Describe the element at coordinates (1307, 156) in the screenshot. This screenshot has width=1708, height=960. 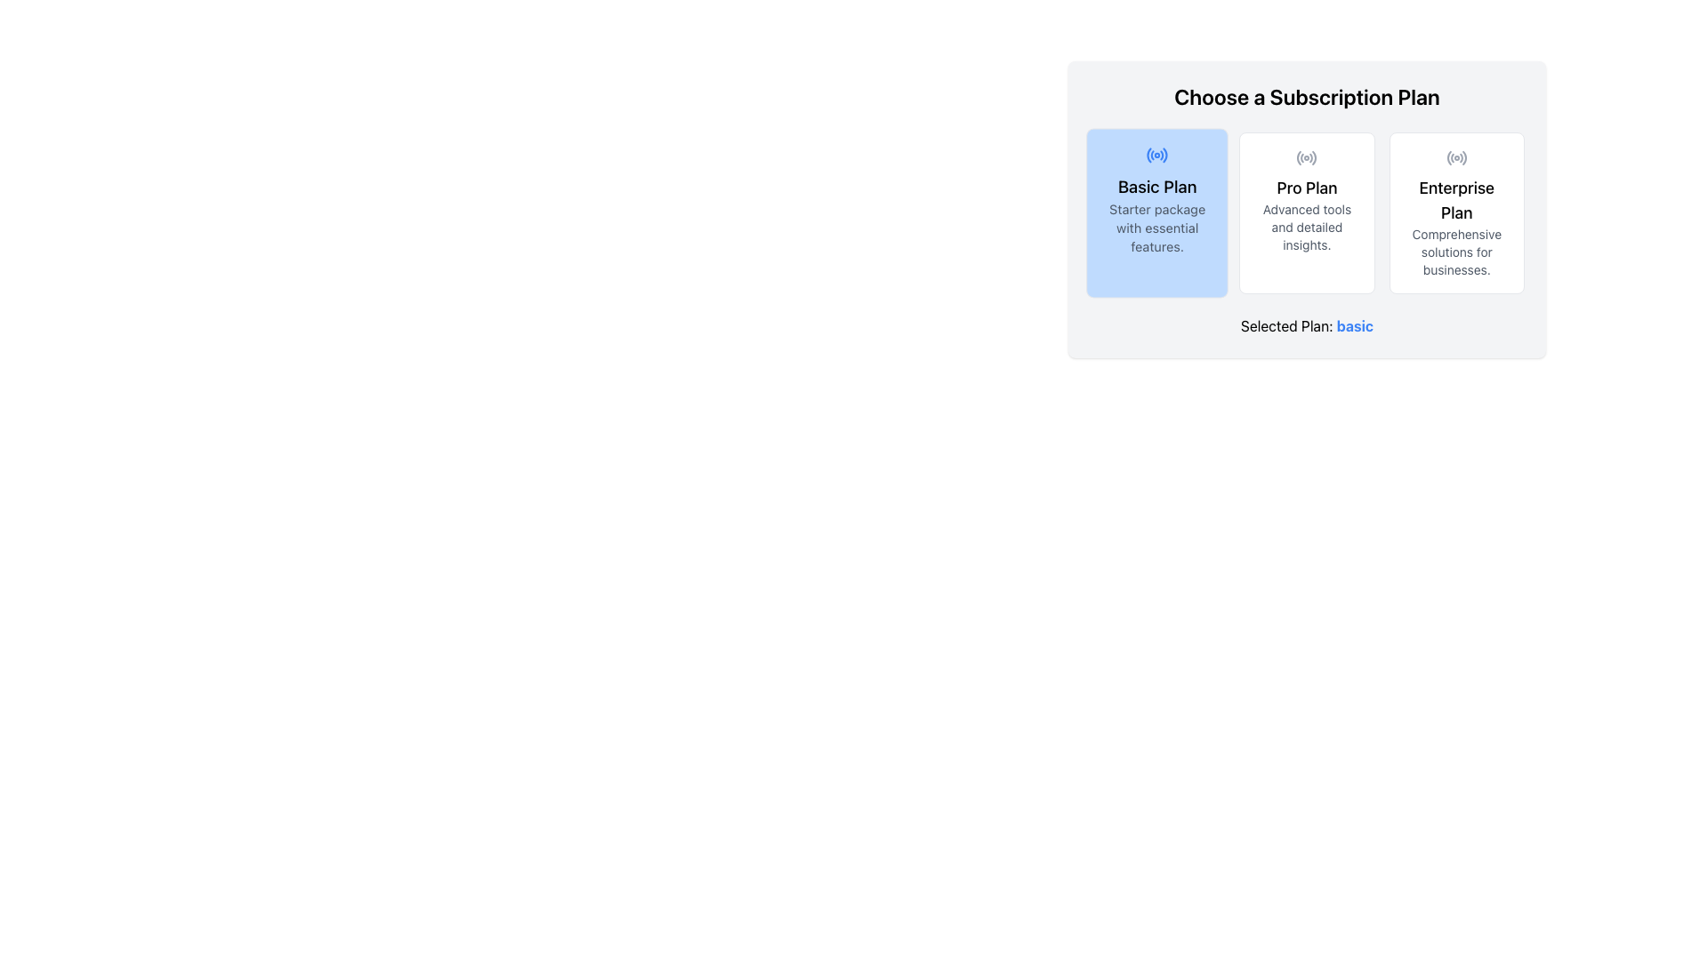
I see `the circular radio button indicator icon displayed in light gray color, located above the text 'Pro Plan Advanced tools and detailed insights' in the subscription plan card labeled 'Pro Plan'` at that location.